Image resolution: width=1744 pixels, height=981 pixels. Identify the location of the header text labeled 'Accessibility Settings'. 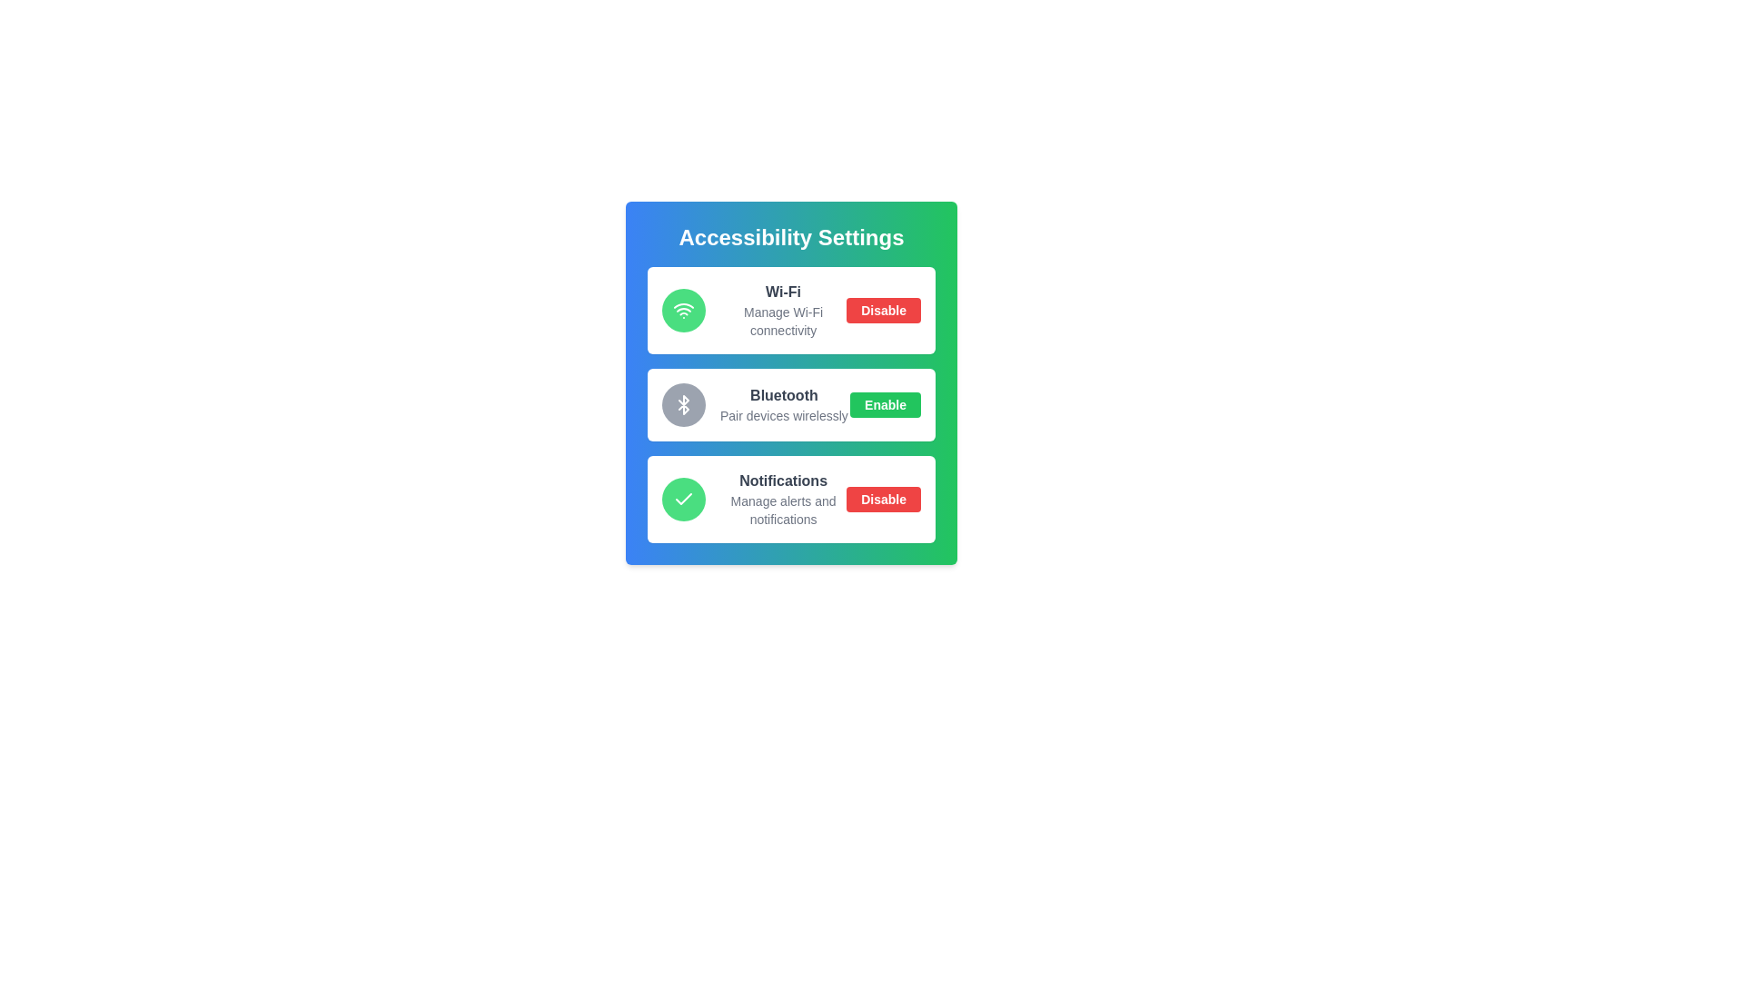
(791, 237).